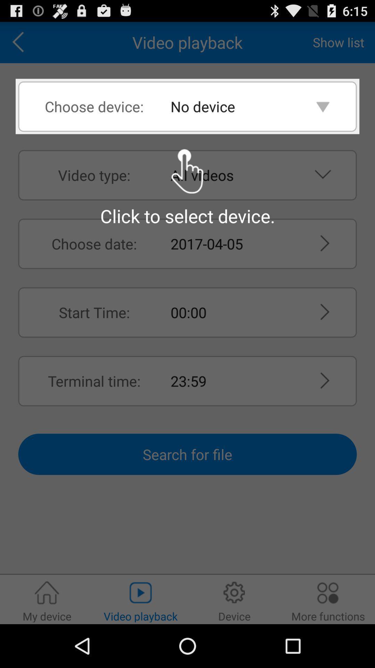 This screenshot has width=375, height=668. What do you see at coordinates (20, 42) in the screenshot?
I see `the app above choose device: item` at bounding box center [20, 42].